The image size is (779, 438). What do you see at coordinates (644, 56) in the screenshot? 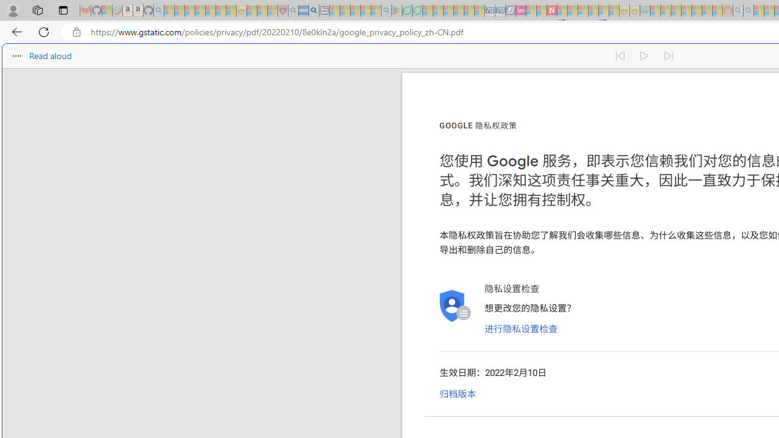
I see `'Continue to read aloud (Ctrl+Shift+U)'` at bounding box center [644, 56].